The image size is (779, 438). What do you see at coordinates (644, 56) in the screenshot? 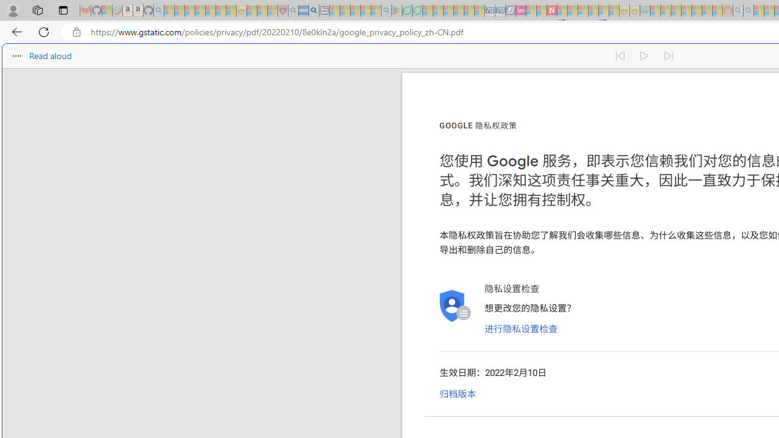
I see `'Continue to read aloud (Ctrl+Shift+U)'` at bounding box center [644, 56].